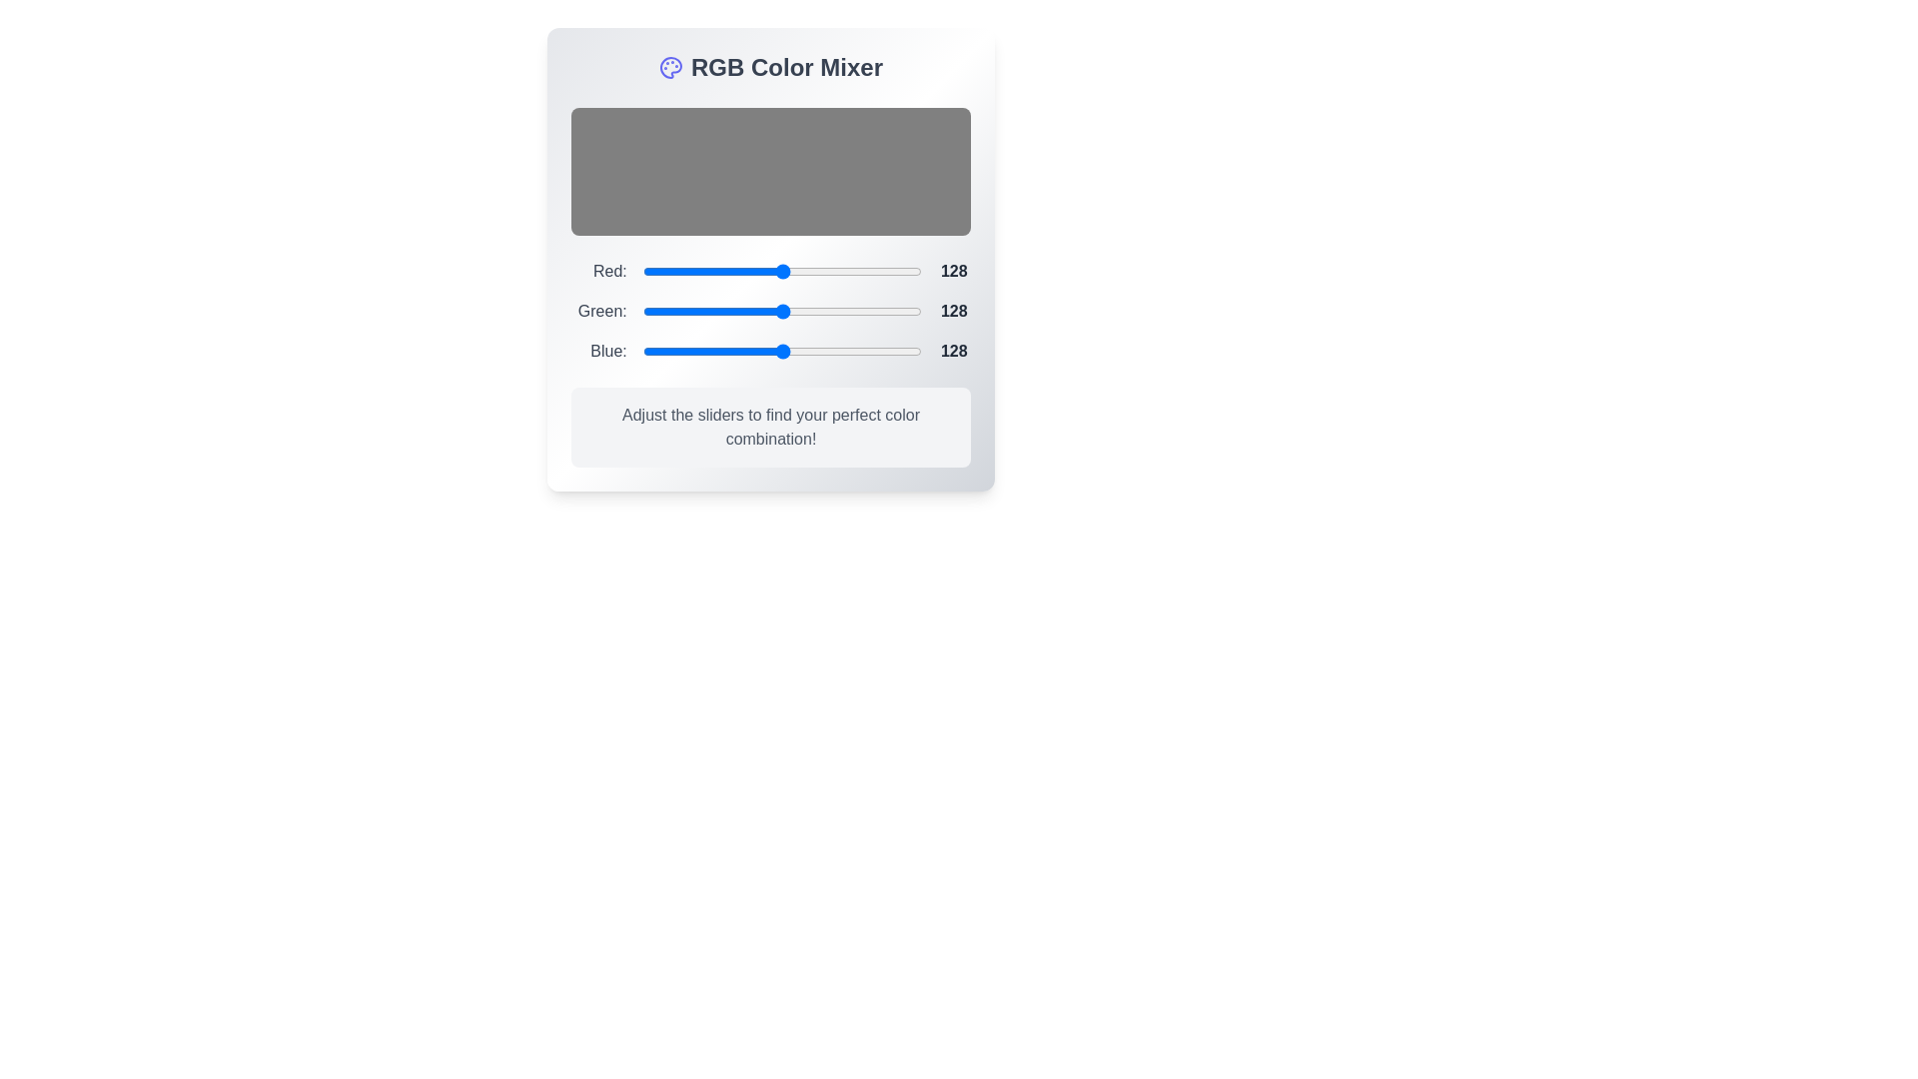 The width and height of the screenshot is (1918, 1079). Describe the element at coordinates (856, 272) in the screenshot. I see `the 0 slider to a value of 136` at that location.